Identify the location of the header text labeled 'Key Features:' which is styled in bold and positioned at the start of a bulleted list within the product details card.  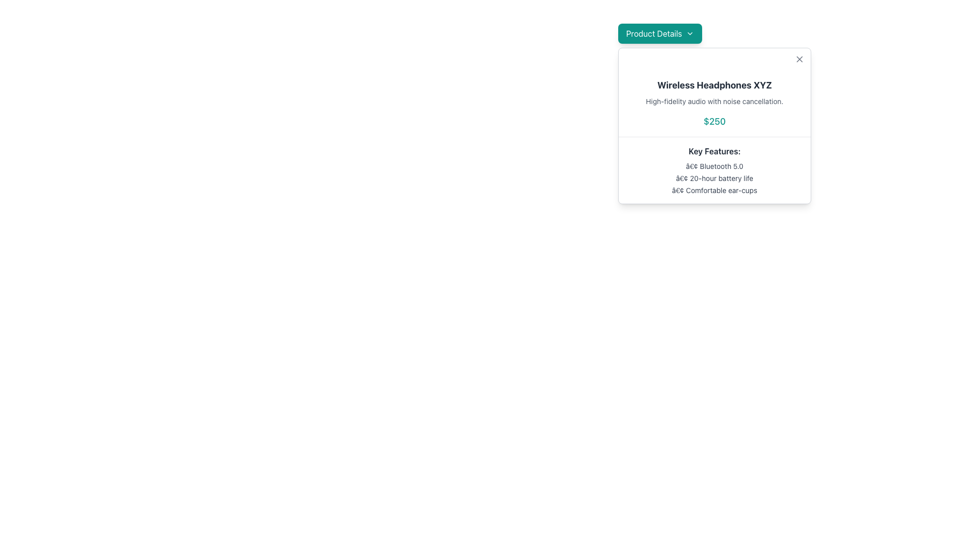
(714, 151).